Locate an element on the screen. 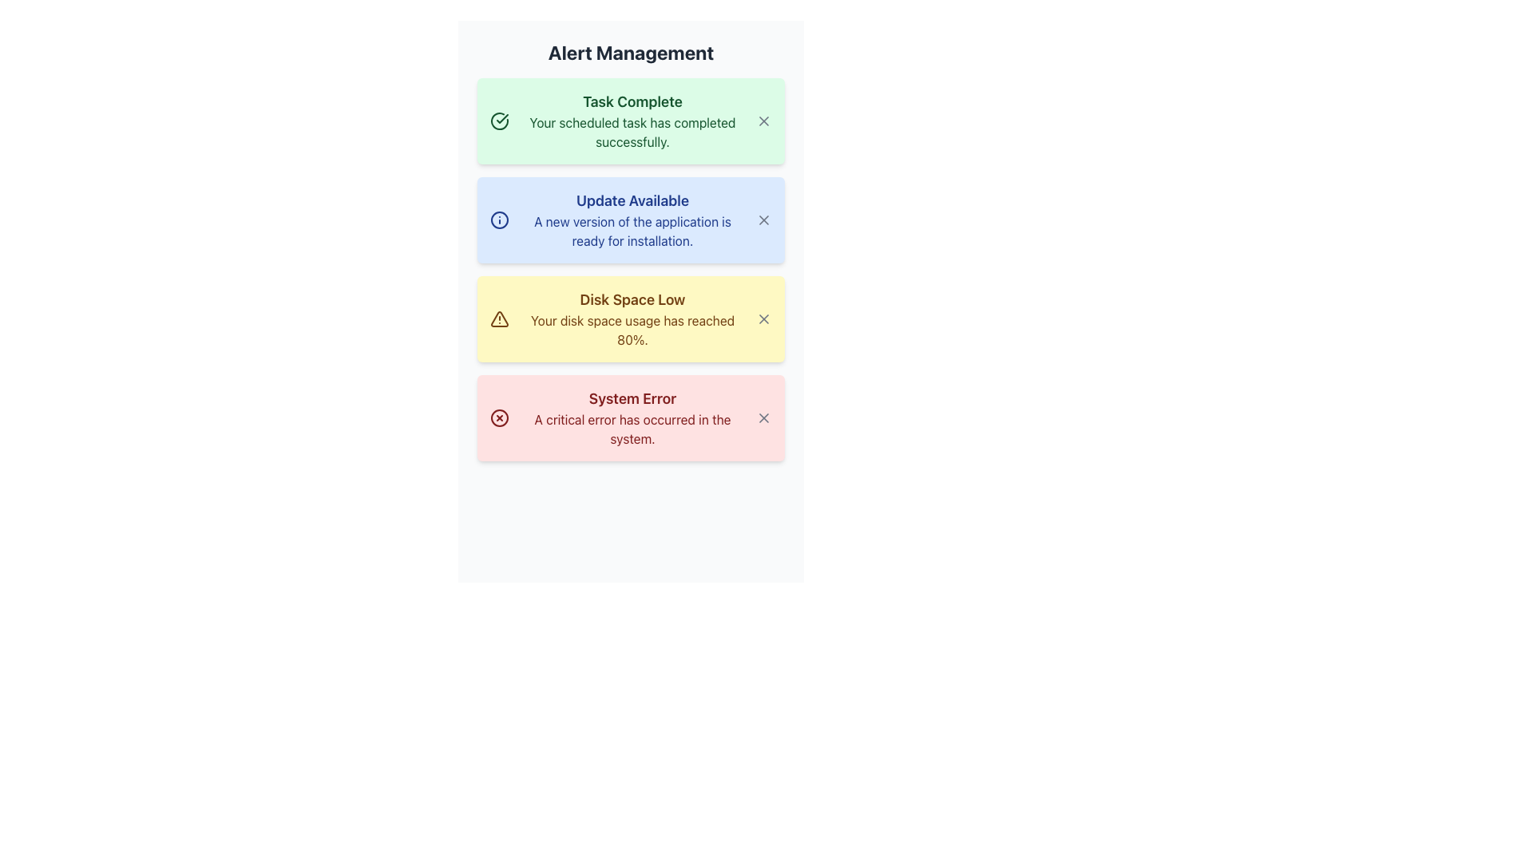 The width and height of the screenshot is (1533, 862). detailed description of the critical system error located within the 'System Error' box, specifically the static text content positioned just below the headline is located at coordinates (632, 428).